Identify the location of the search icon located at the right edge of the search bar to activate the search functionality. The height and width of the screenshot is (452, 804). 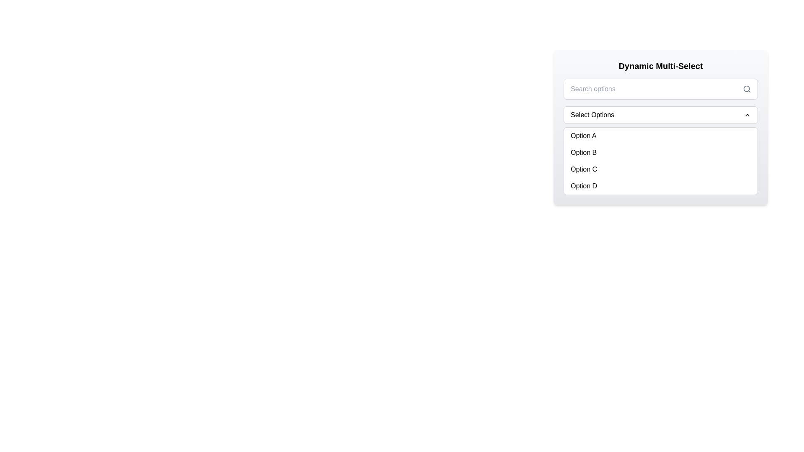
(747, 89).